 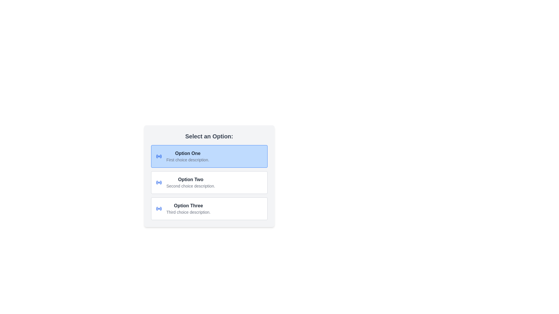 What do you see at coordinates (209, 182) in the screenshot?
I see `the highlighted option card 'Option Two' in the list of selectable option cards` at bounding box center [209, 182].